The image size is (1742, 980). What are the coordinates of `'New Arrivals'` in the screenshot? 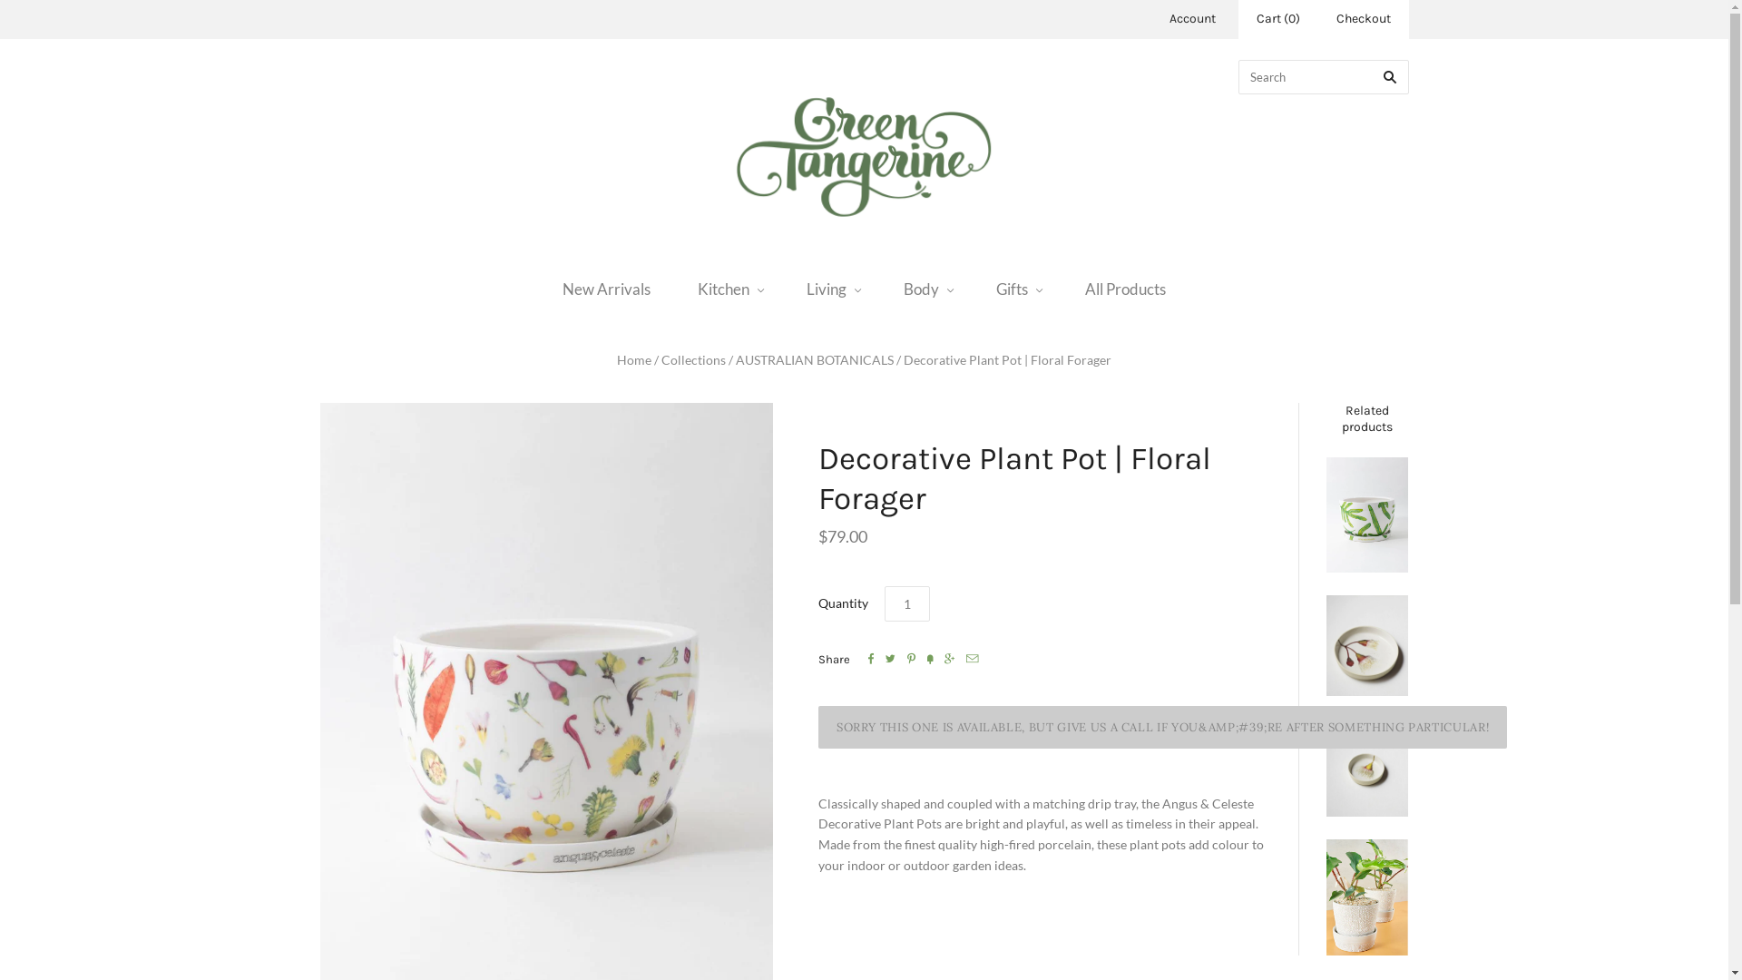 It's located at (538, 288).